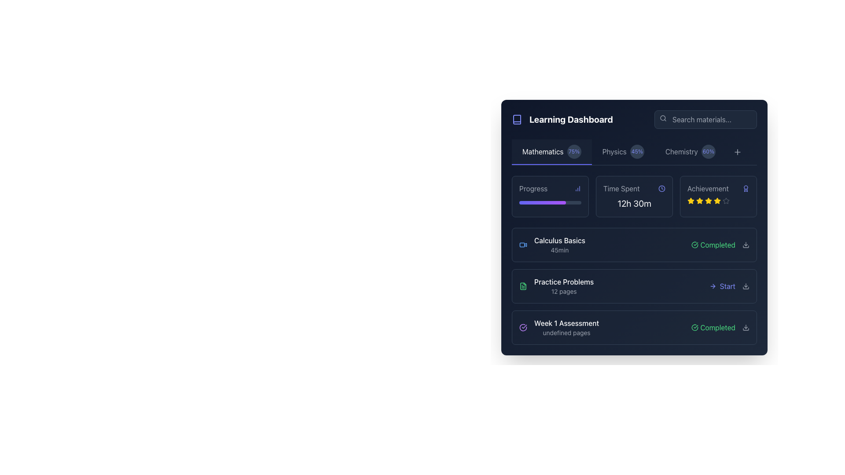  I want to click on title text element for the course module 'Calculus Basics' located in the 'Mathematics' section, positioned above the '45min' label, so click(559, 241).